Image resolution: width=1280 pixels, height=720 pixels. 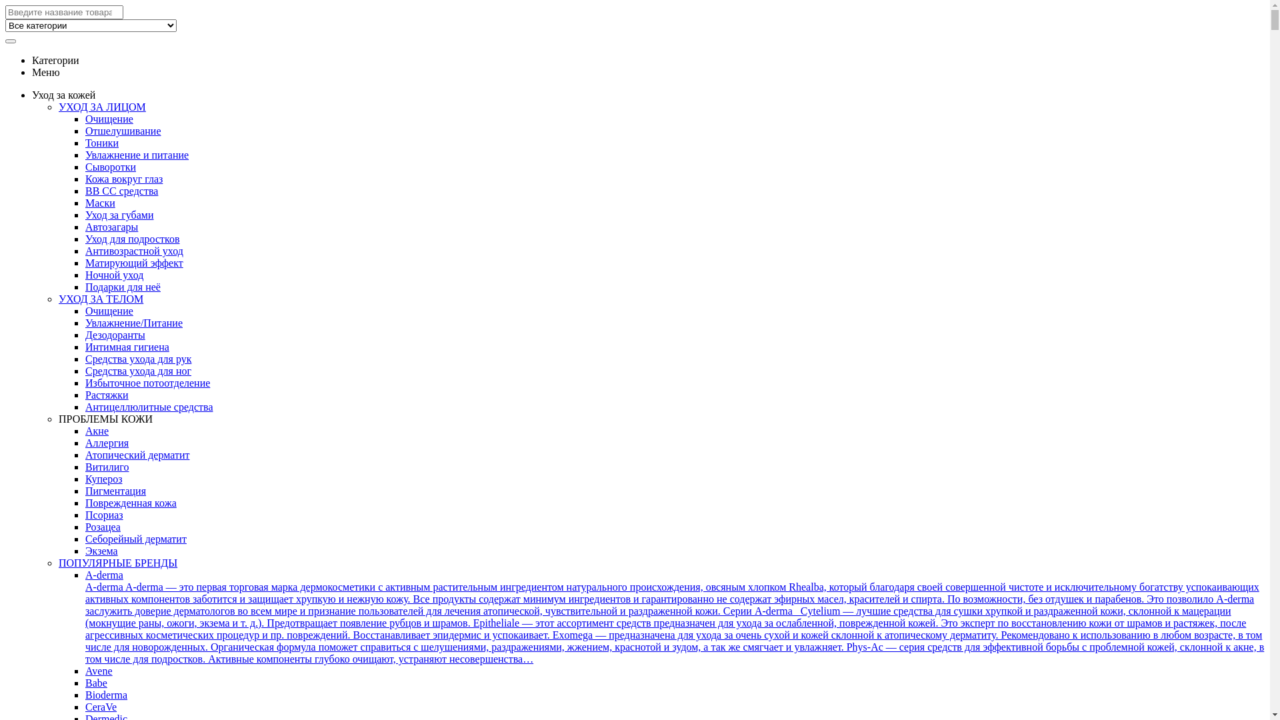 What do you see at coordinates (98, 671) in the screenshot?
I see `'Avene'` at bounding box center [98, 671].